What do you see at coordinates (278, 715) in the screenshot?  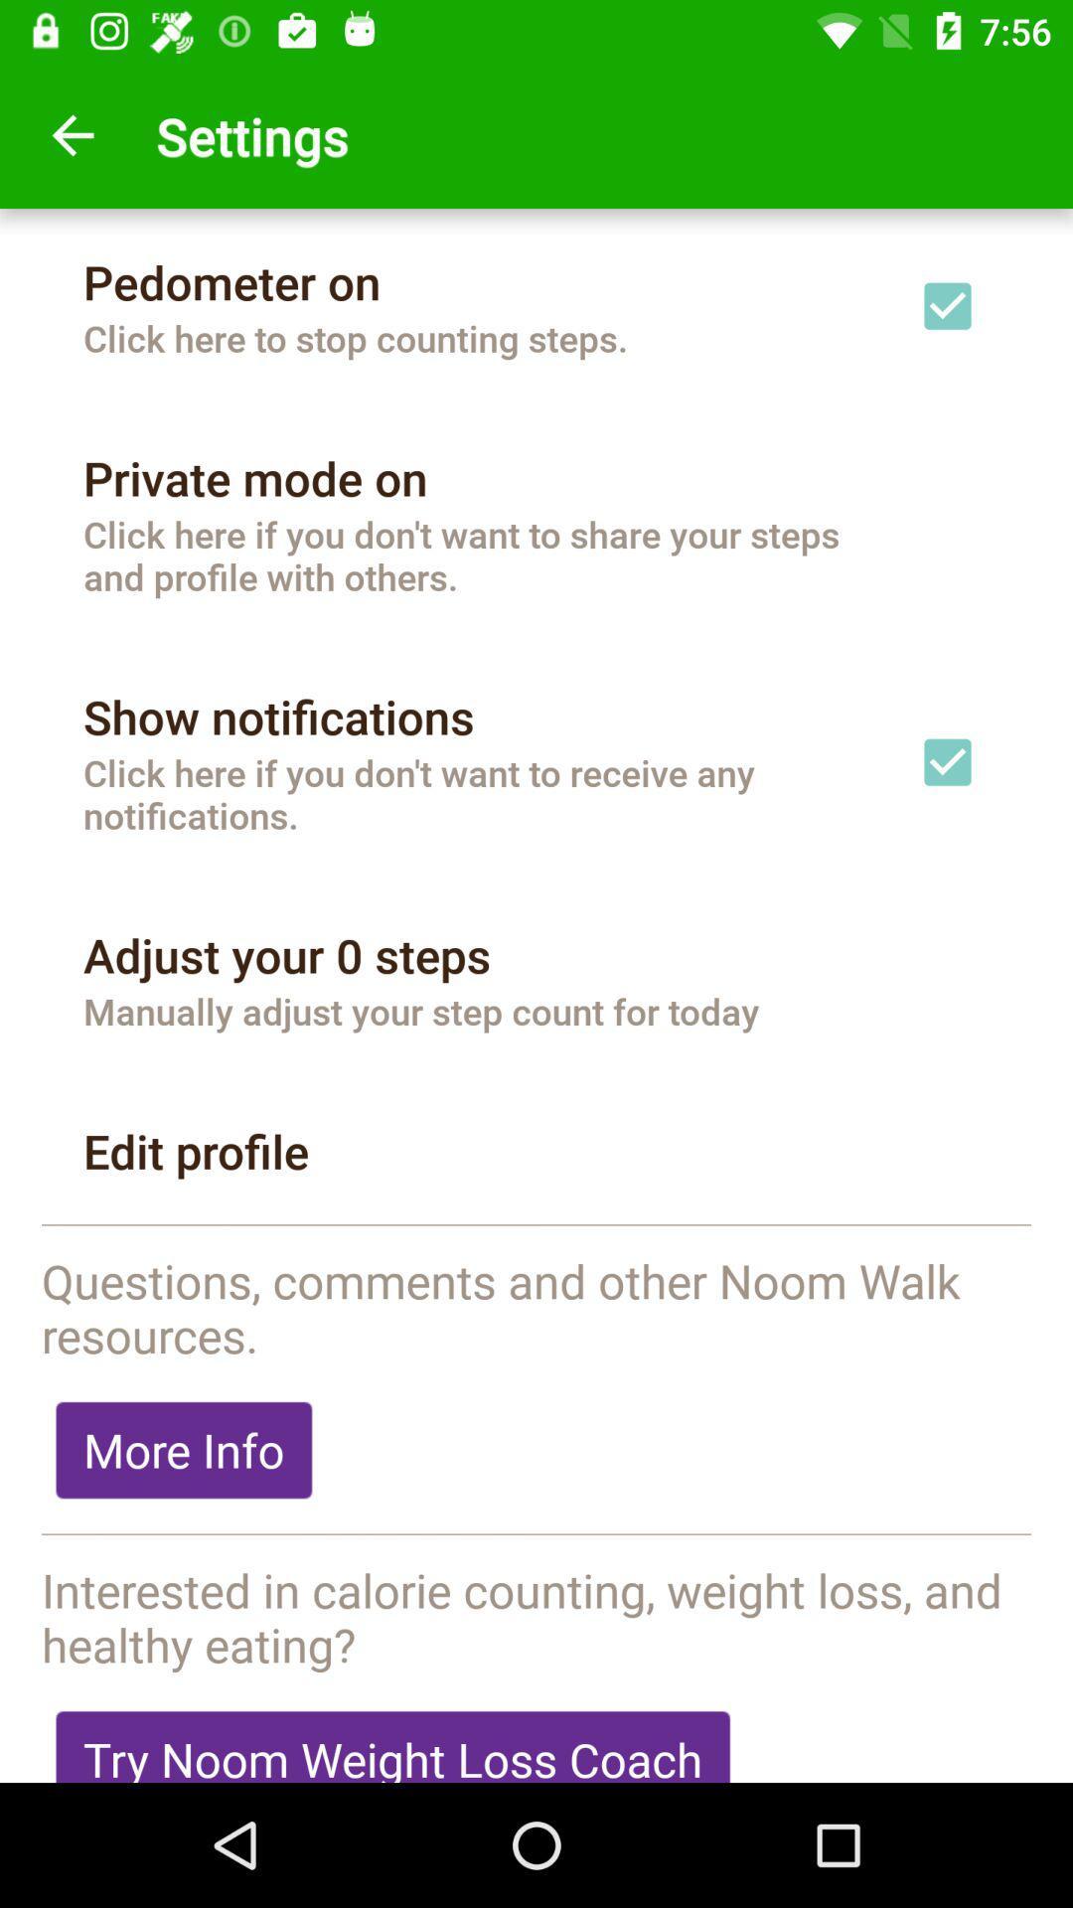 I see `show notifications icon` at bounding box center [278, 715].